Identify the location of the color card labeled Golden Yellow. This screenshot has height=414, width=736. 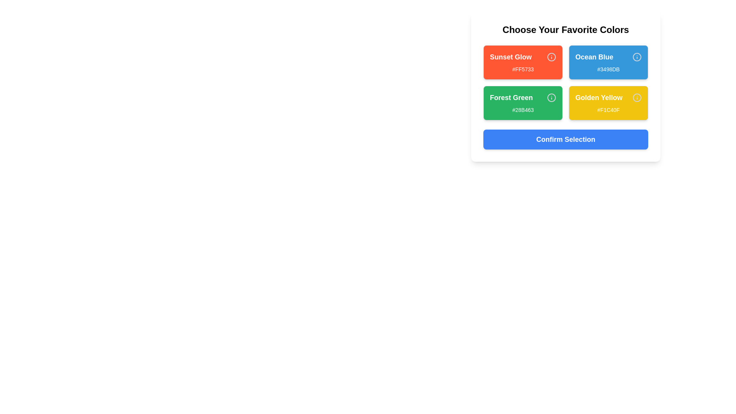
(608, 103).